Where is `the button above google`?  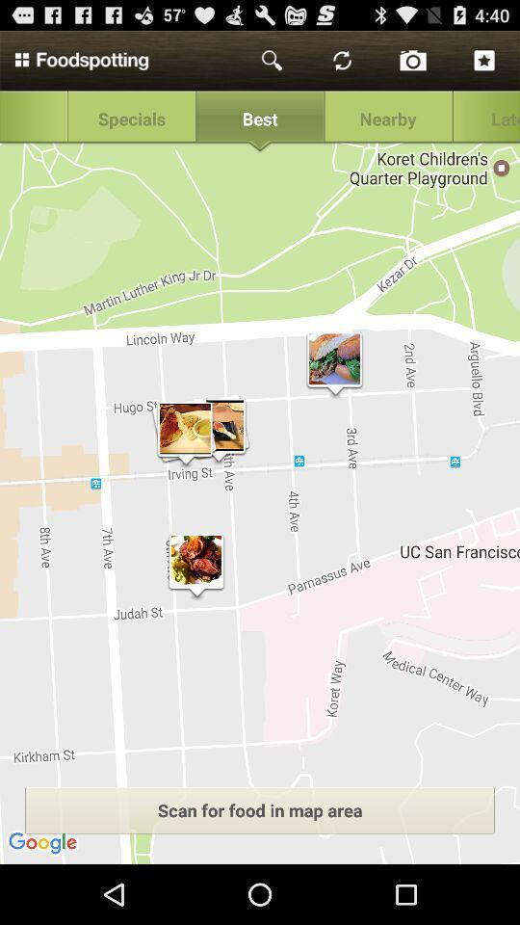
the button above google is located at coordinates (260, 809).